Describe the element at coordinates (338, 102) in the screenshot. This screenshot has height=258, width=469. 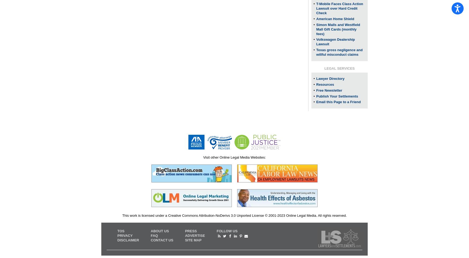
I see `'Email this Page to a Friend'` at that location.